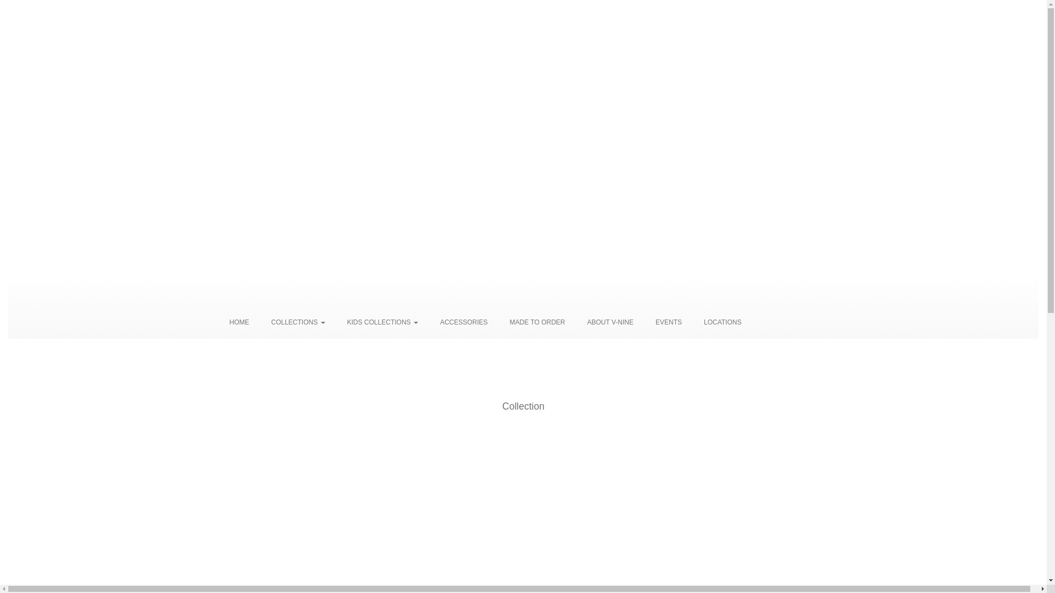 The width and height of the screenshot is (1055, 593). I want to click on 'COLLECTIONS', so click(298, 321).